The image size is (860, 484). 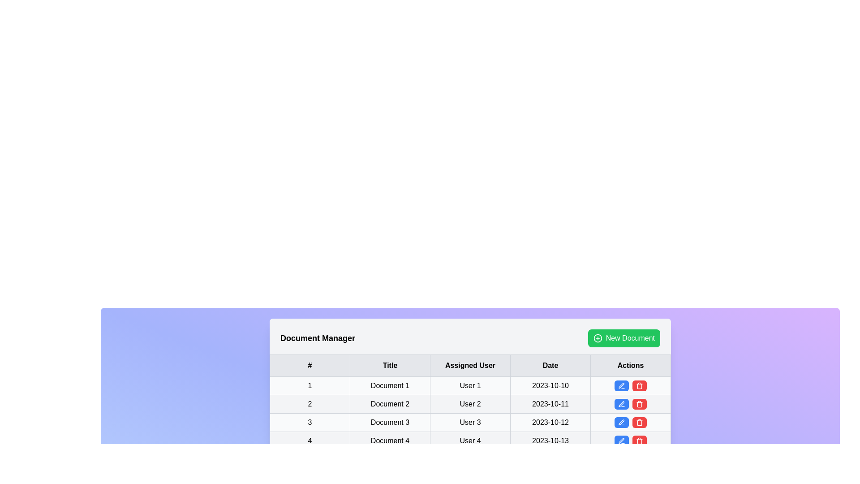 What do you see at coordinates (310, 440) in the screenshot?
I see `the text content in the first cell of the last row of the table under the column header '#', which displays the serial number or identifier` at bounding box center [310, 440].